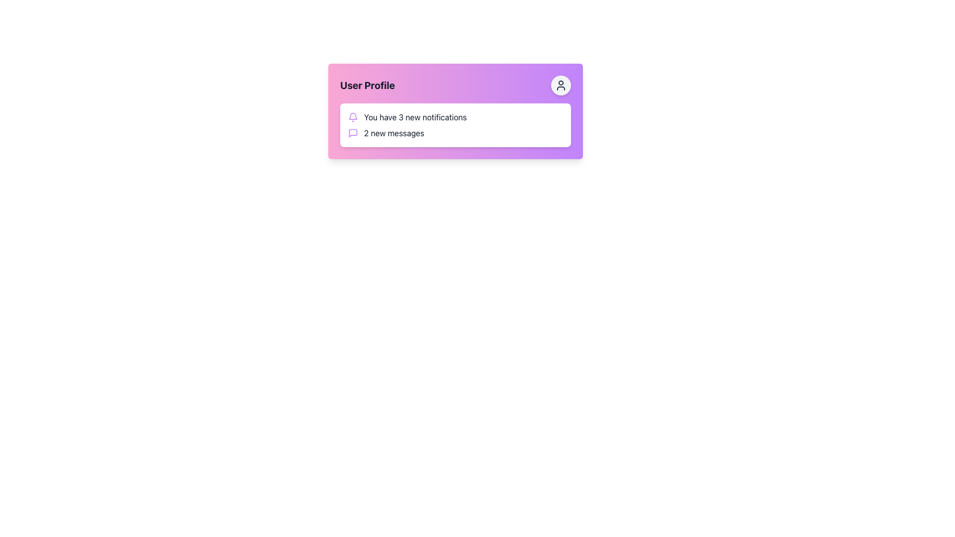 The height and width of the screenshot is (537, 955). Describe the element at coordinates (561, 85) in the screenshot. I see `the SVG icon depicting a user silhouette within a circular button at the top-right corner of the 'User Profile' card` at that location.